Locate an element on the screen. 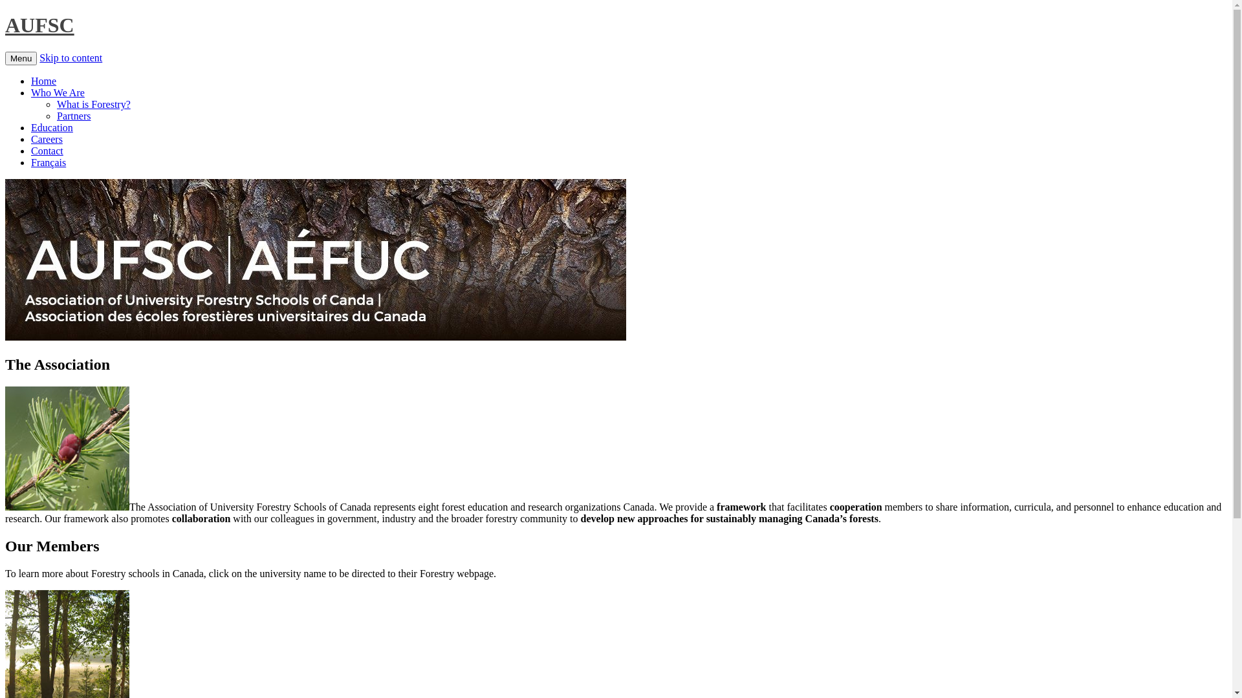 This screenshot has height=698, width=1242. 'Skip to content' is located at coordinates (70, 57).